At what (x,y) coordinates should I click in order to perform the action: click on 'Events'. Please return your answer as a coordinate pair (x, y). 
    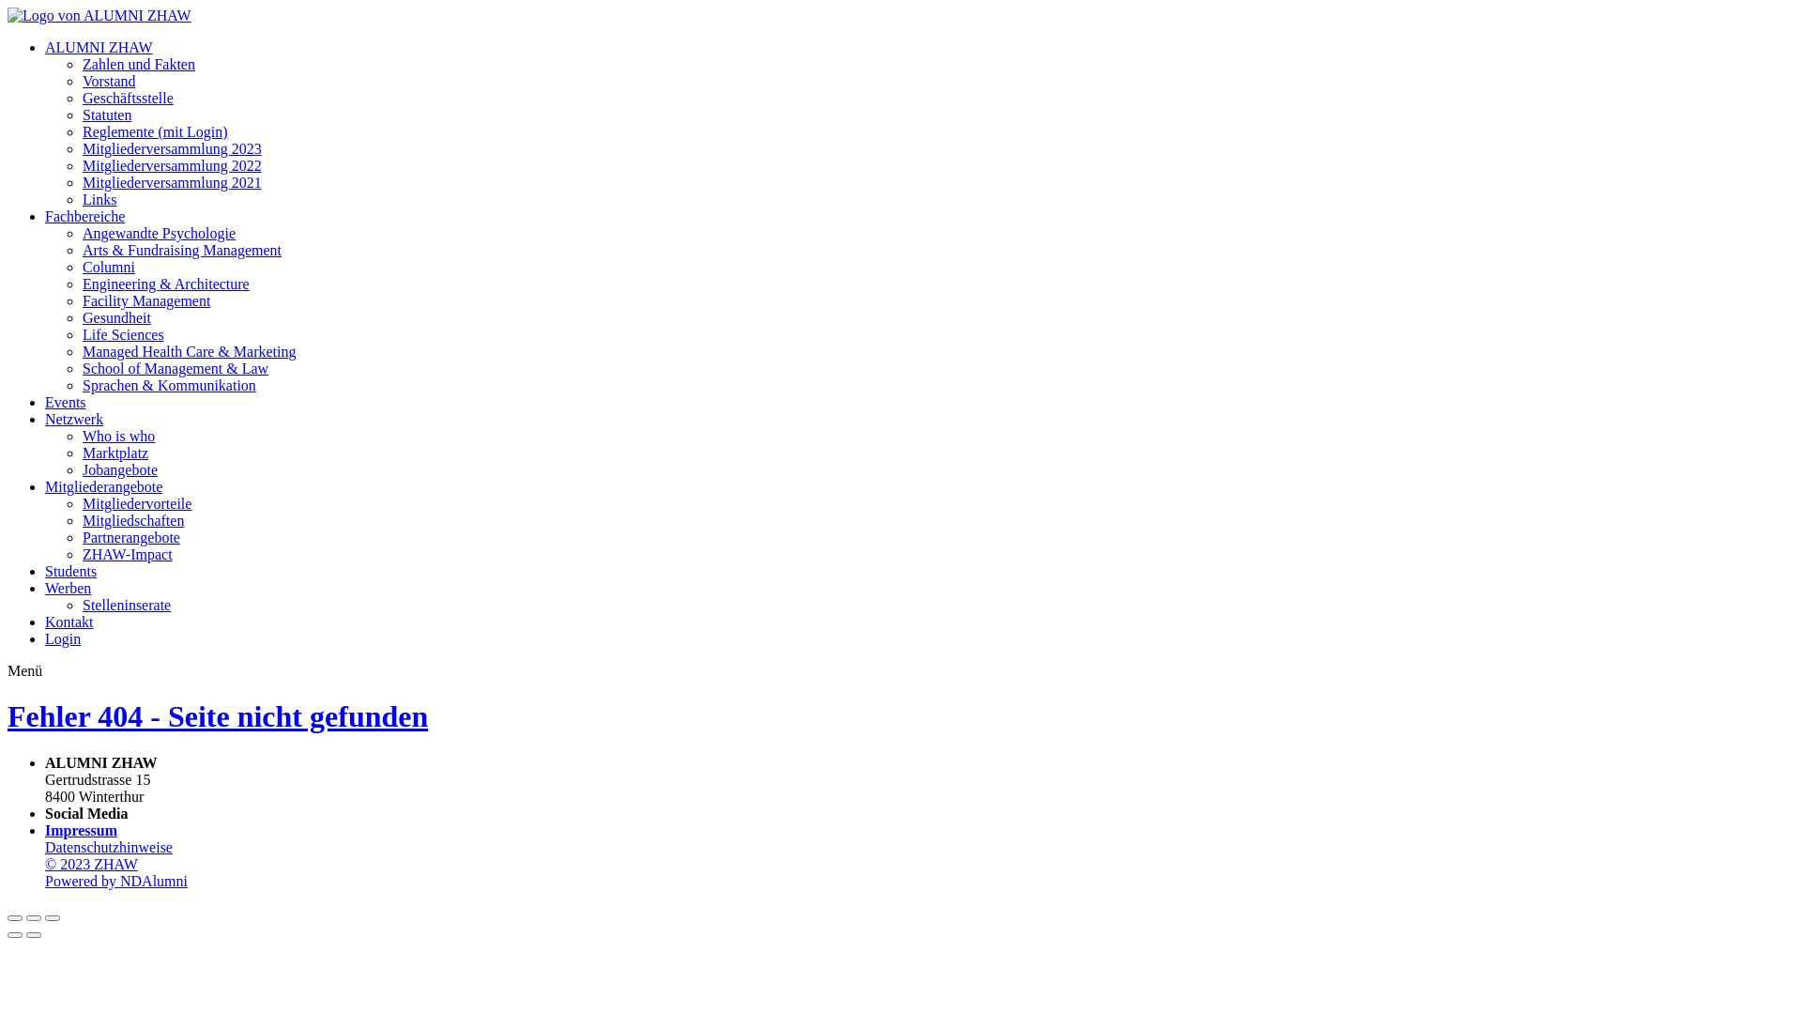
    Looking at the image, I should click on (66, 401).